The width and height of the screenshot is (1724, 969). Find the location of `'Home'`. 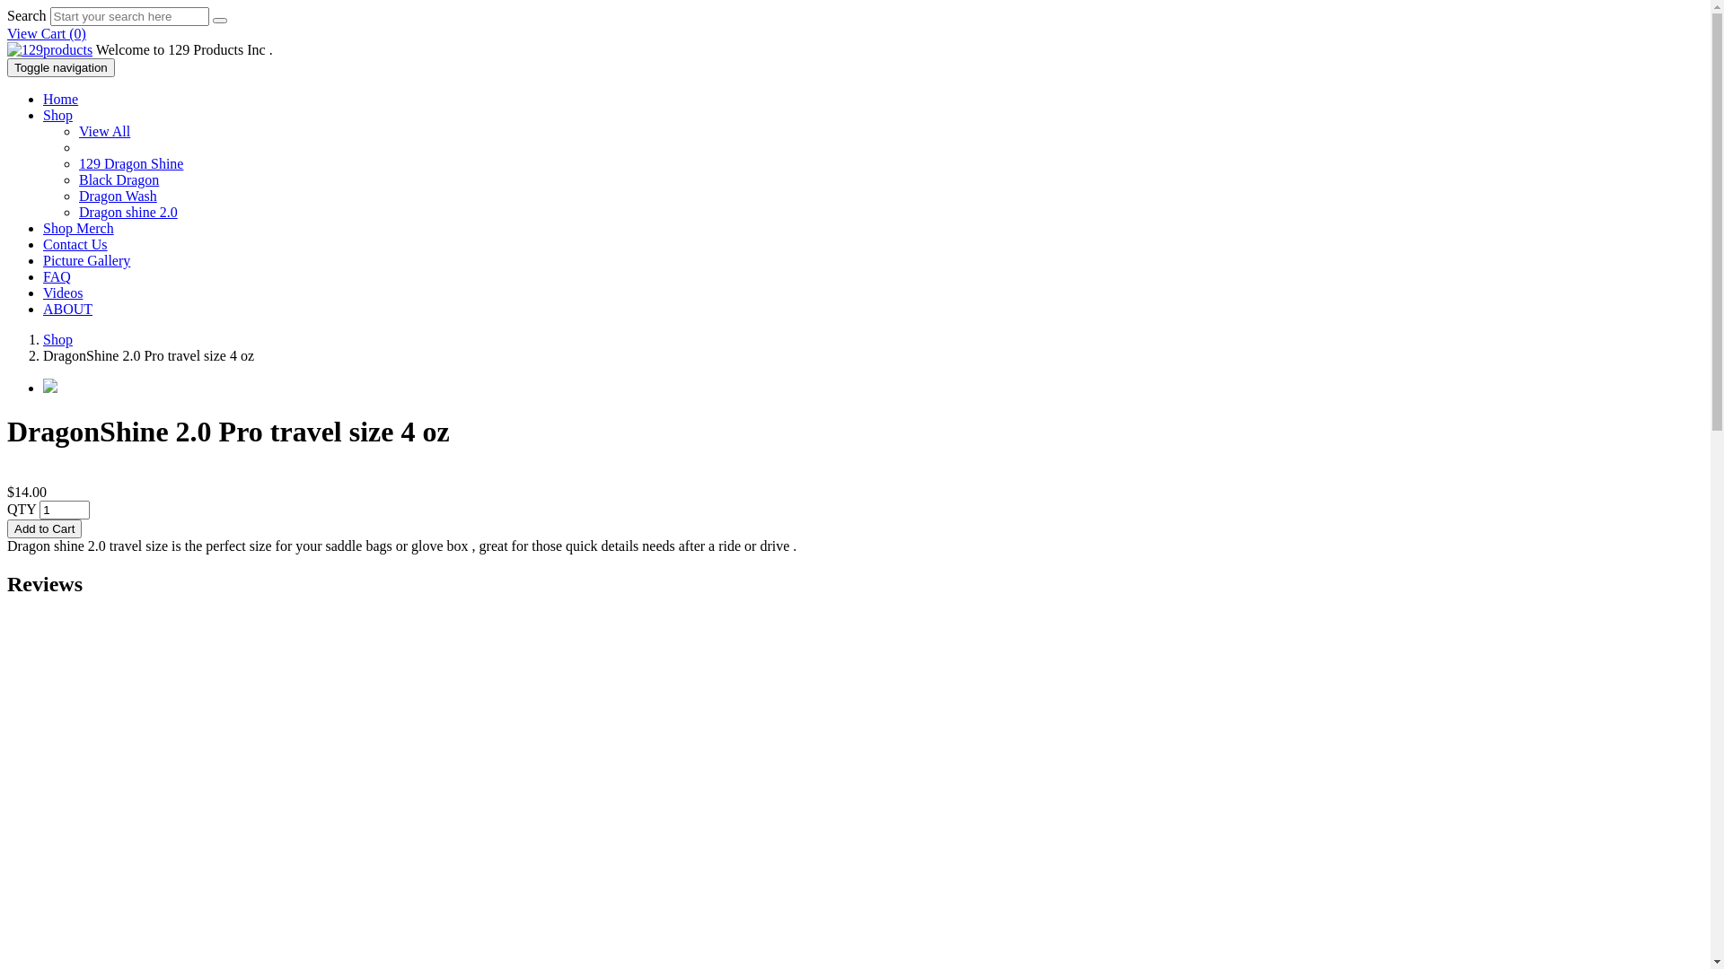

'Home' is located at coordinates (60, 99).